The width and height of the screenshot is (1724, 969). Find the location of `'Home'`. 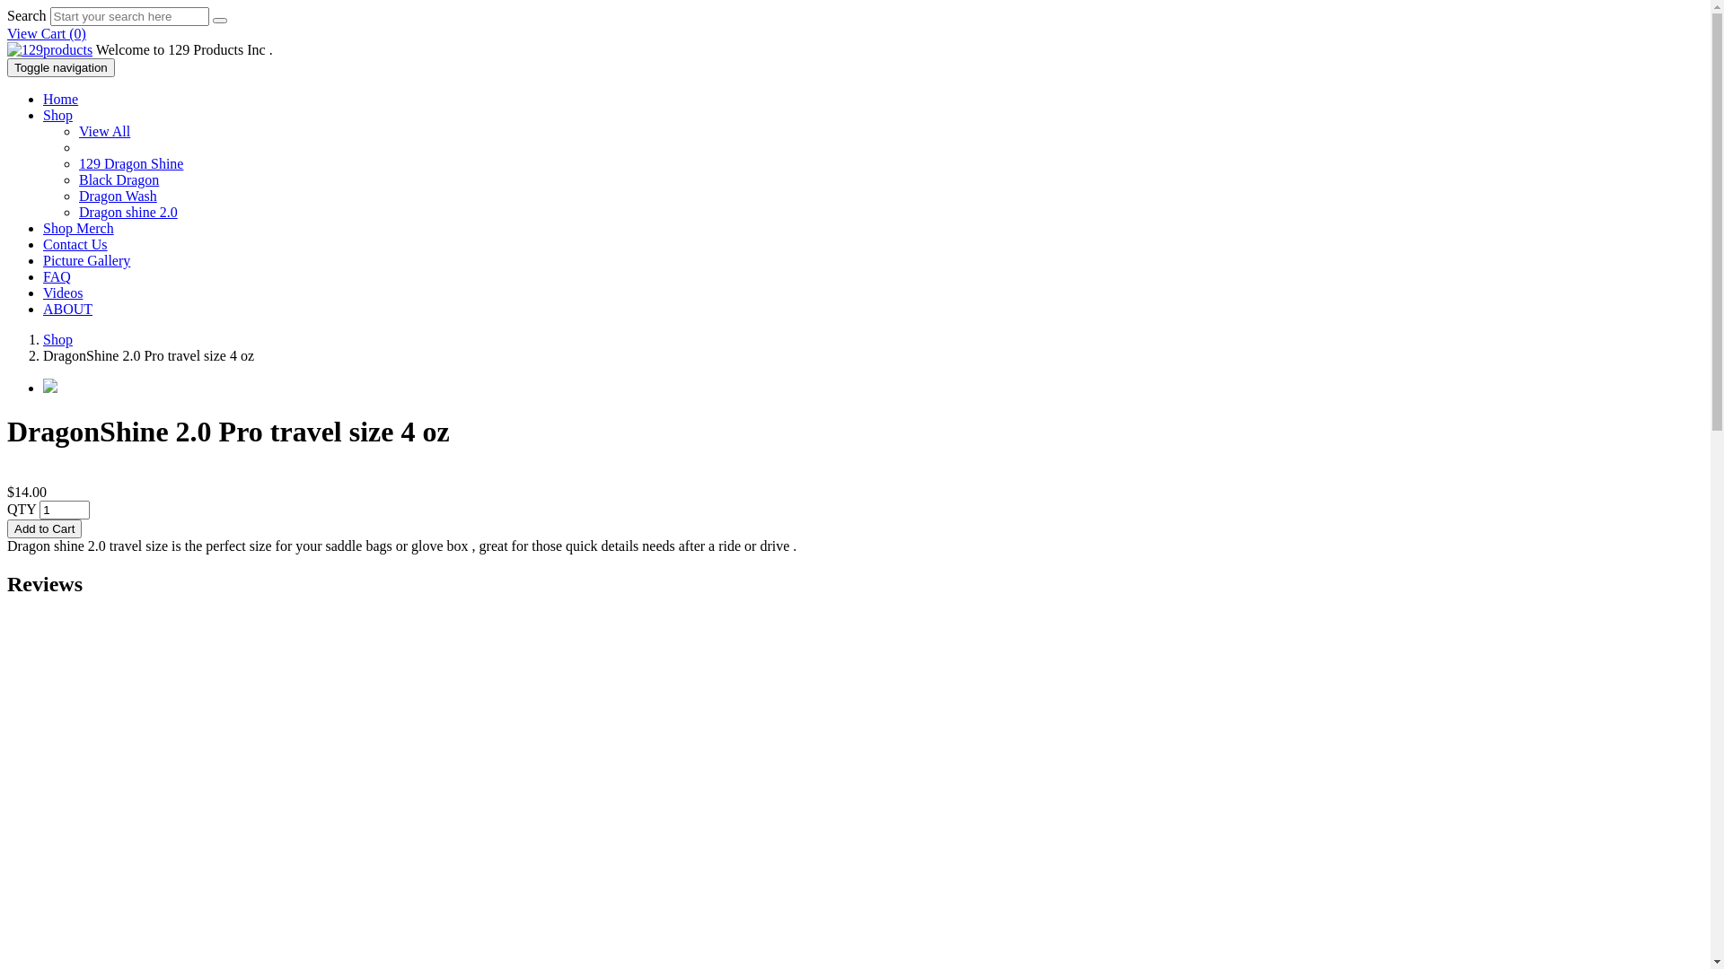

'Home' is located at coordinates (60, 99).